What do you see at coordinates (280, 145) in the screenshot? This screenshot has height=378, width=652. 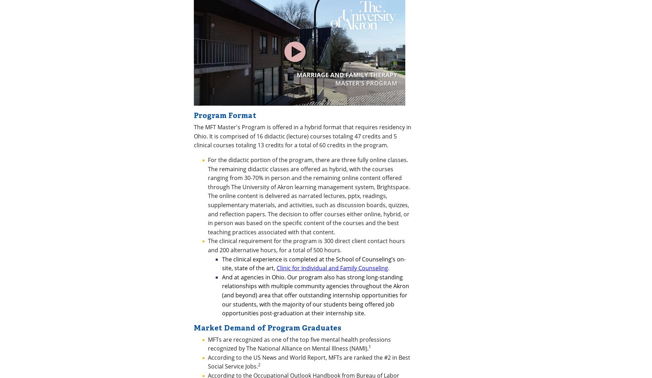 I see `'https://codes.ohio.gov/ohio-administrative-code/rule-4757-25-01'` at bounding box center [280, 145].